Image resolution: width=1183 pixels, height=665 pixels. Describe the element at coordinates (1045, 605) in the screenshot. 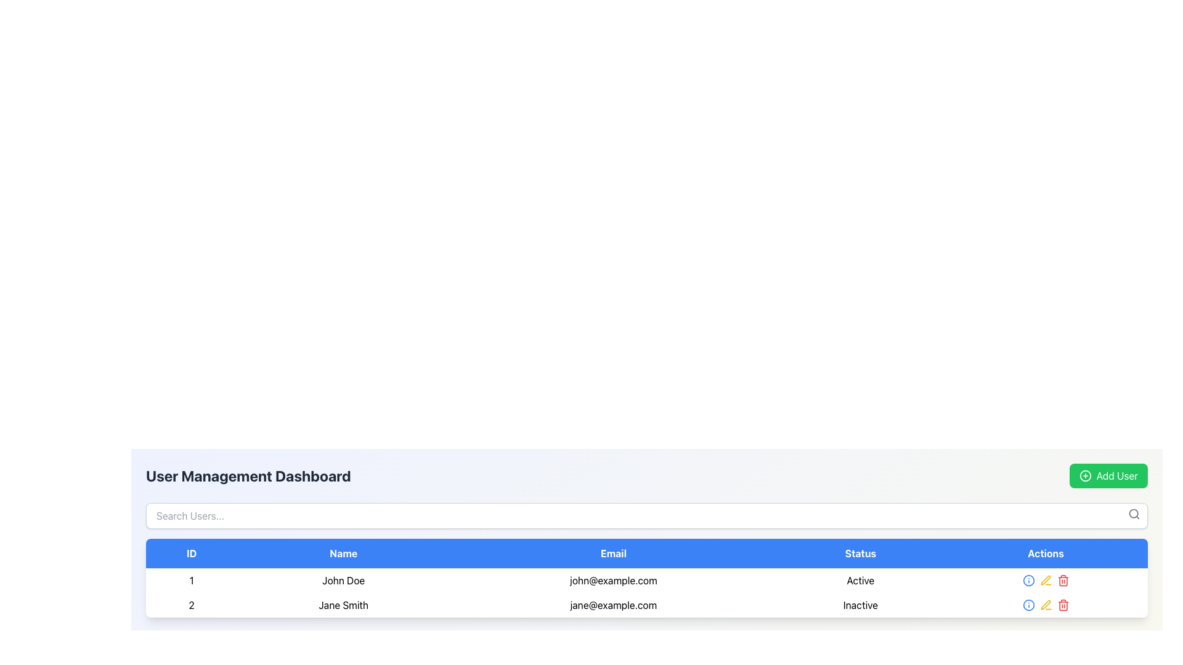

I see `the yellow pen icon in the 'Actions' column of Jane Smith's row` at that location.